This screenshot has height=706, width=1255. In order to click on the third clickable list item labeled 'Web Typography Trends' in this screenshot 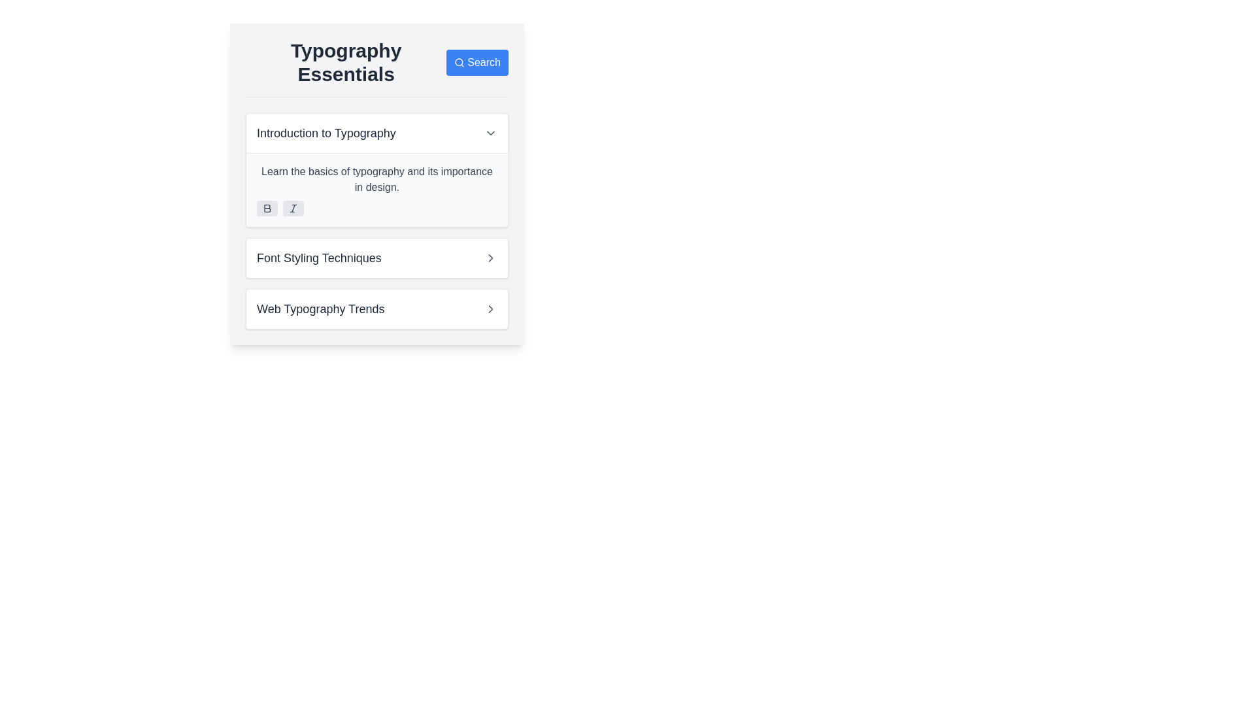, I will do `click(376, 309)`.